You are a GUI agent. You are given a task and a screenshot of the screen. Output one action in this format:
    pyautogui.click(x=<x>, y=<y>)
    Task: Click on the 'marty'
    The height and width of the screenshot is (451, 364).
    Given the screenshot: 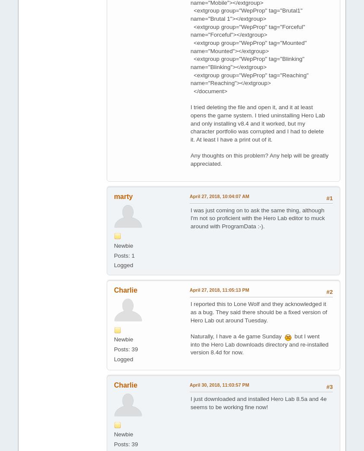 What is the action you would take?
    pyautogui.click(x=123, y=196)
    